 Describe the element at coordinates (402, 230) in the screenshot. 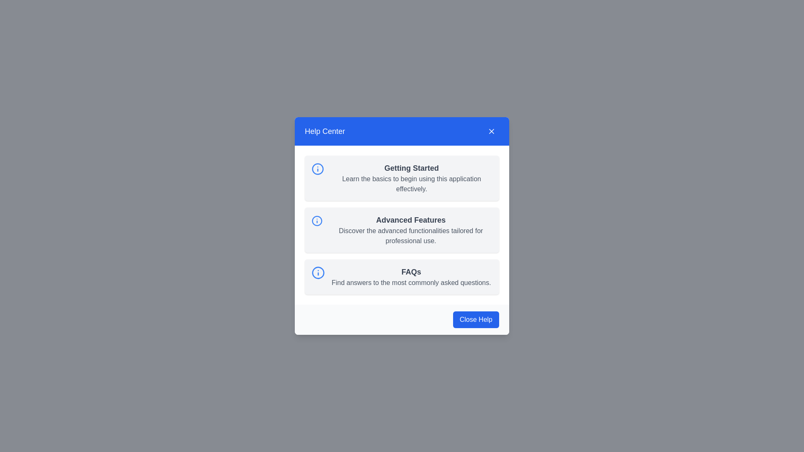

I see `the 'Advanced Features' Information Card, which is the second card in a vertical list within the Help Center modal, featuring a light gray background and a blue info icon` at that location.